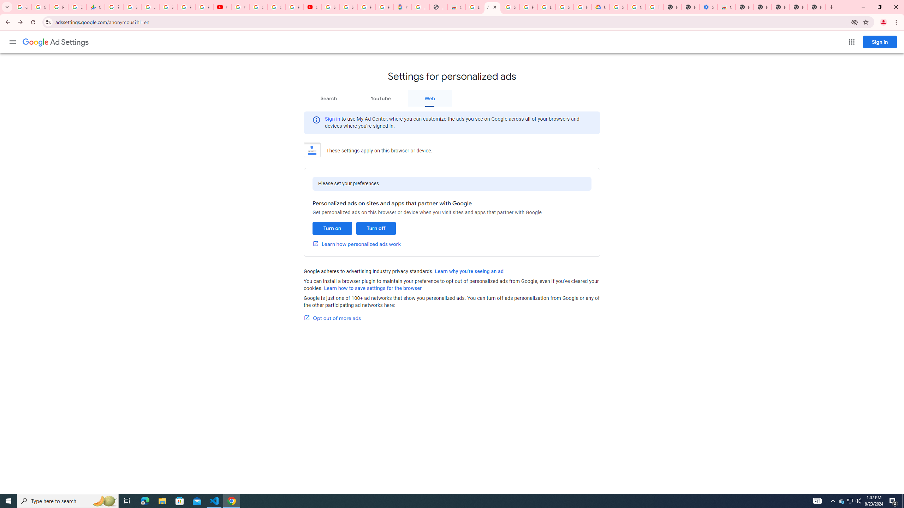 This screenshot has height=508, width=904. What do you see at coordinates (451, 22) in the screenshot?
I see `'Address and search bar'` at bounding box center [451, 22].